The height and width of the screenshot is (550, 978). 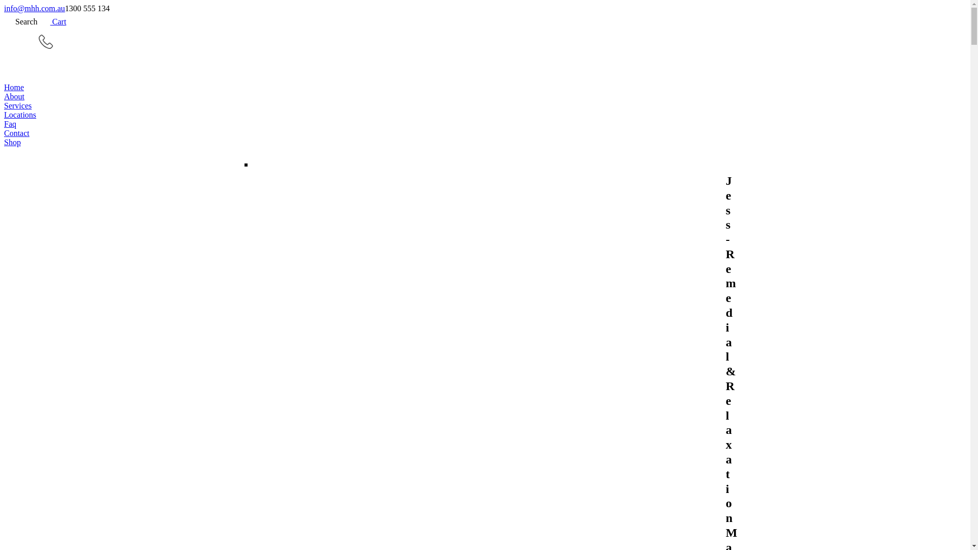 I want to click on 'Services', so click(x=484, y=106).